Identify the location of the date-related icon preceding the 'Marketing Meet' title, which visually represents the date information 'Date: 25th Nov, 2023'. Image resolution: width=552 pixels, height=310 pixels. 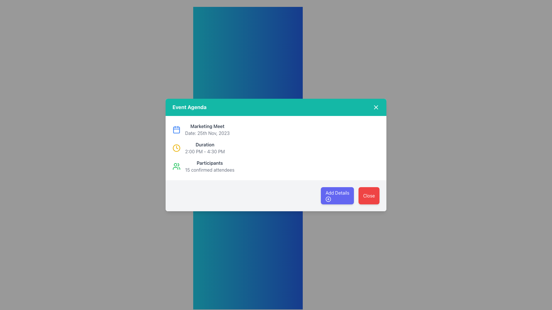
(176, 129).